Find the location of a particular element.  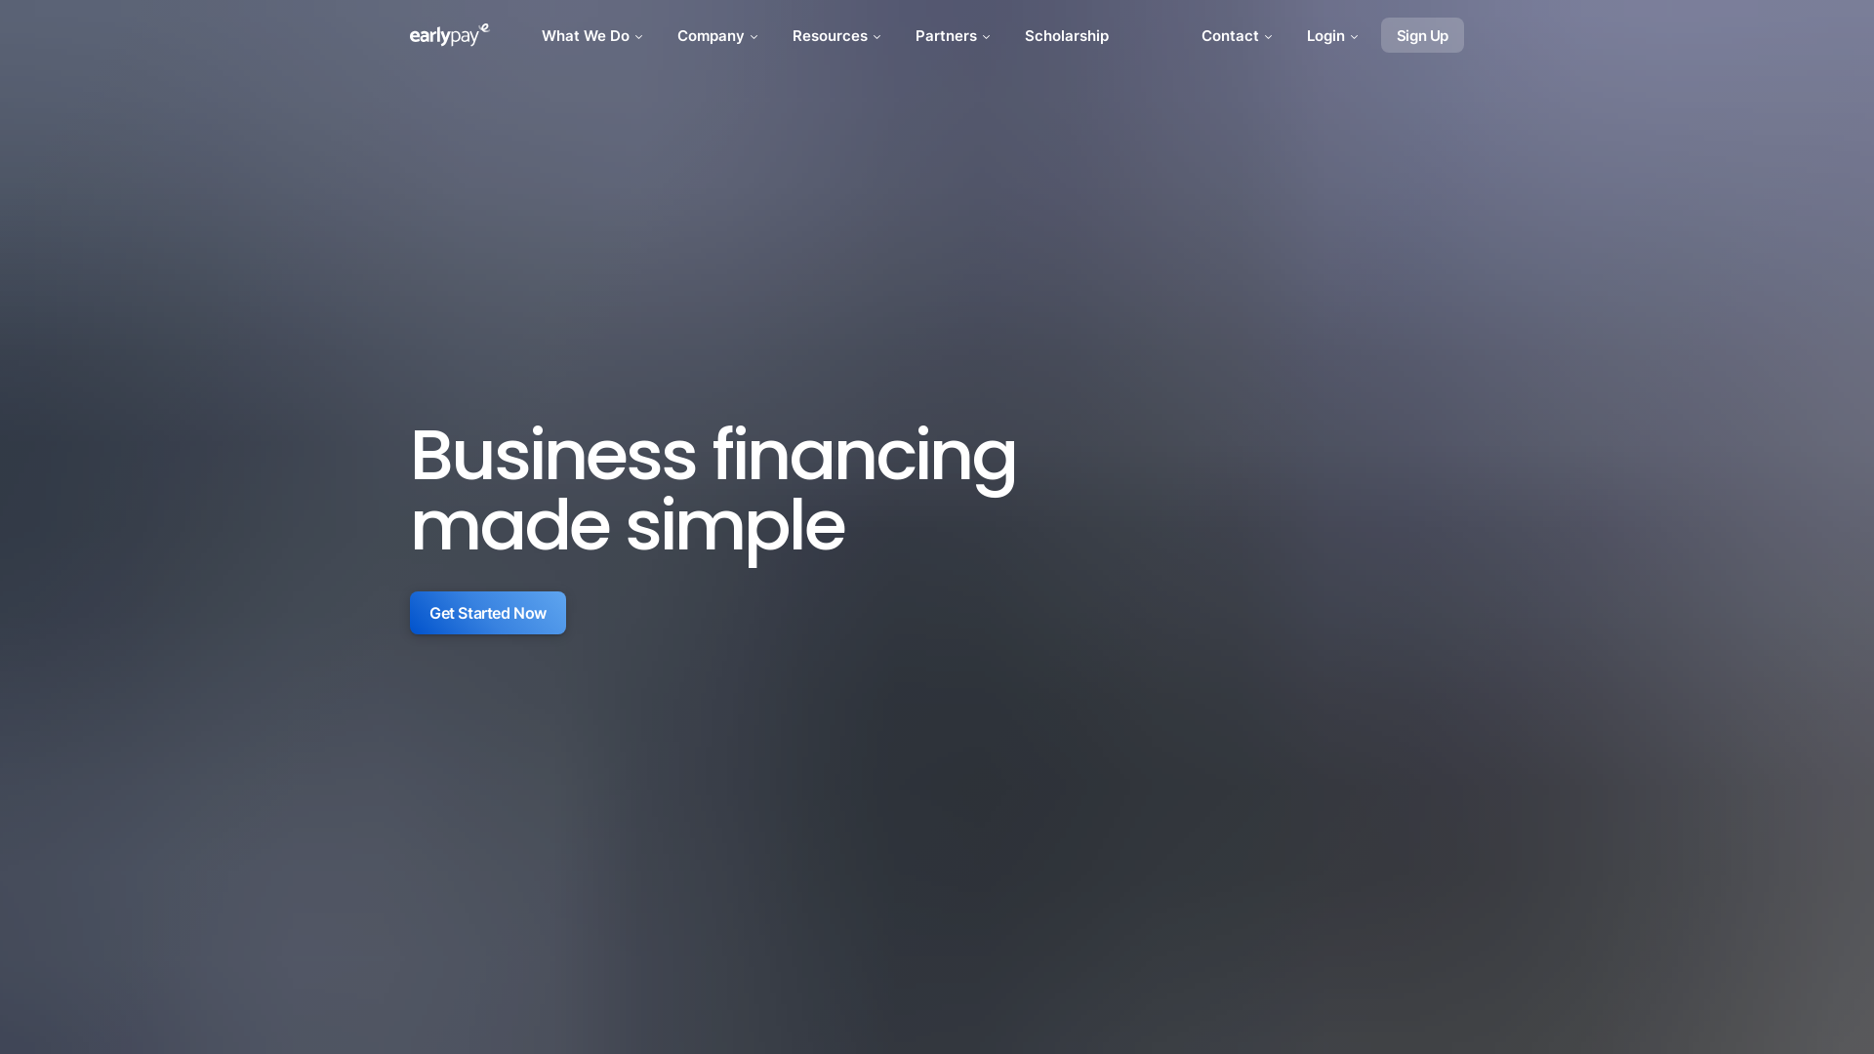

'Contact' is located at coordinates (1189, 34).